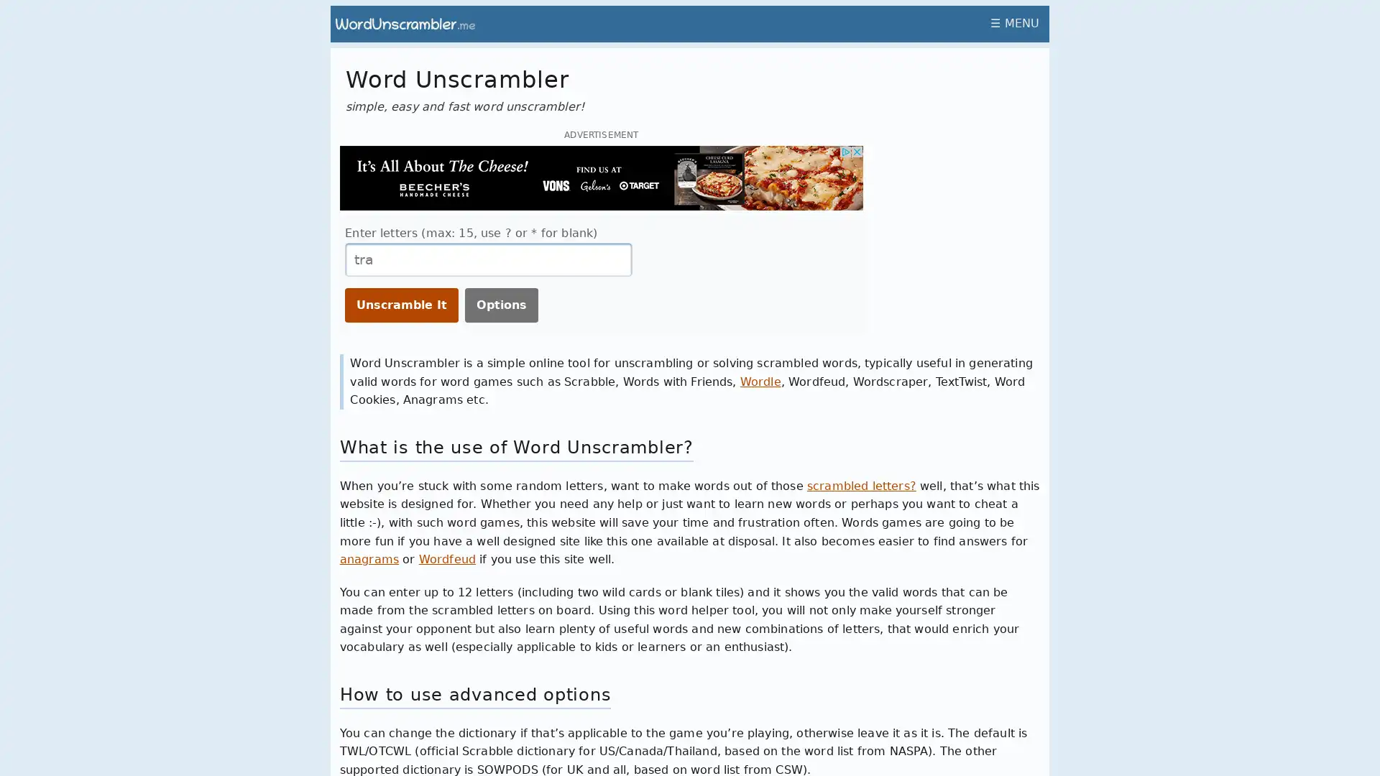  Describe the element at coordinates (401, 304) in the screenshot. I see `Unscramble It` at that location.